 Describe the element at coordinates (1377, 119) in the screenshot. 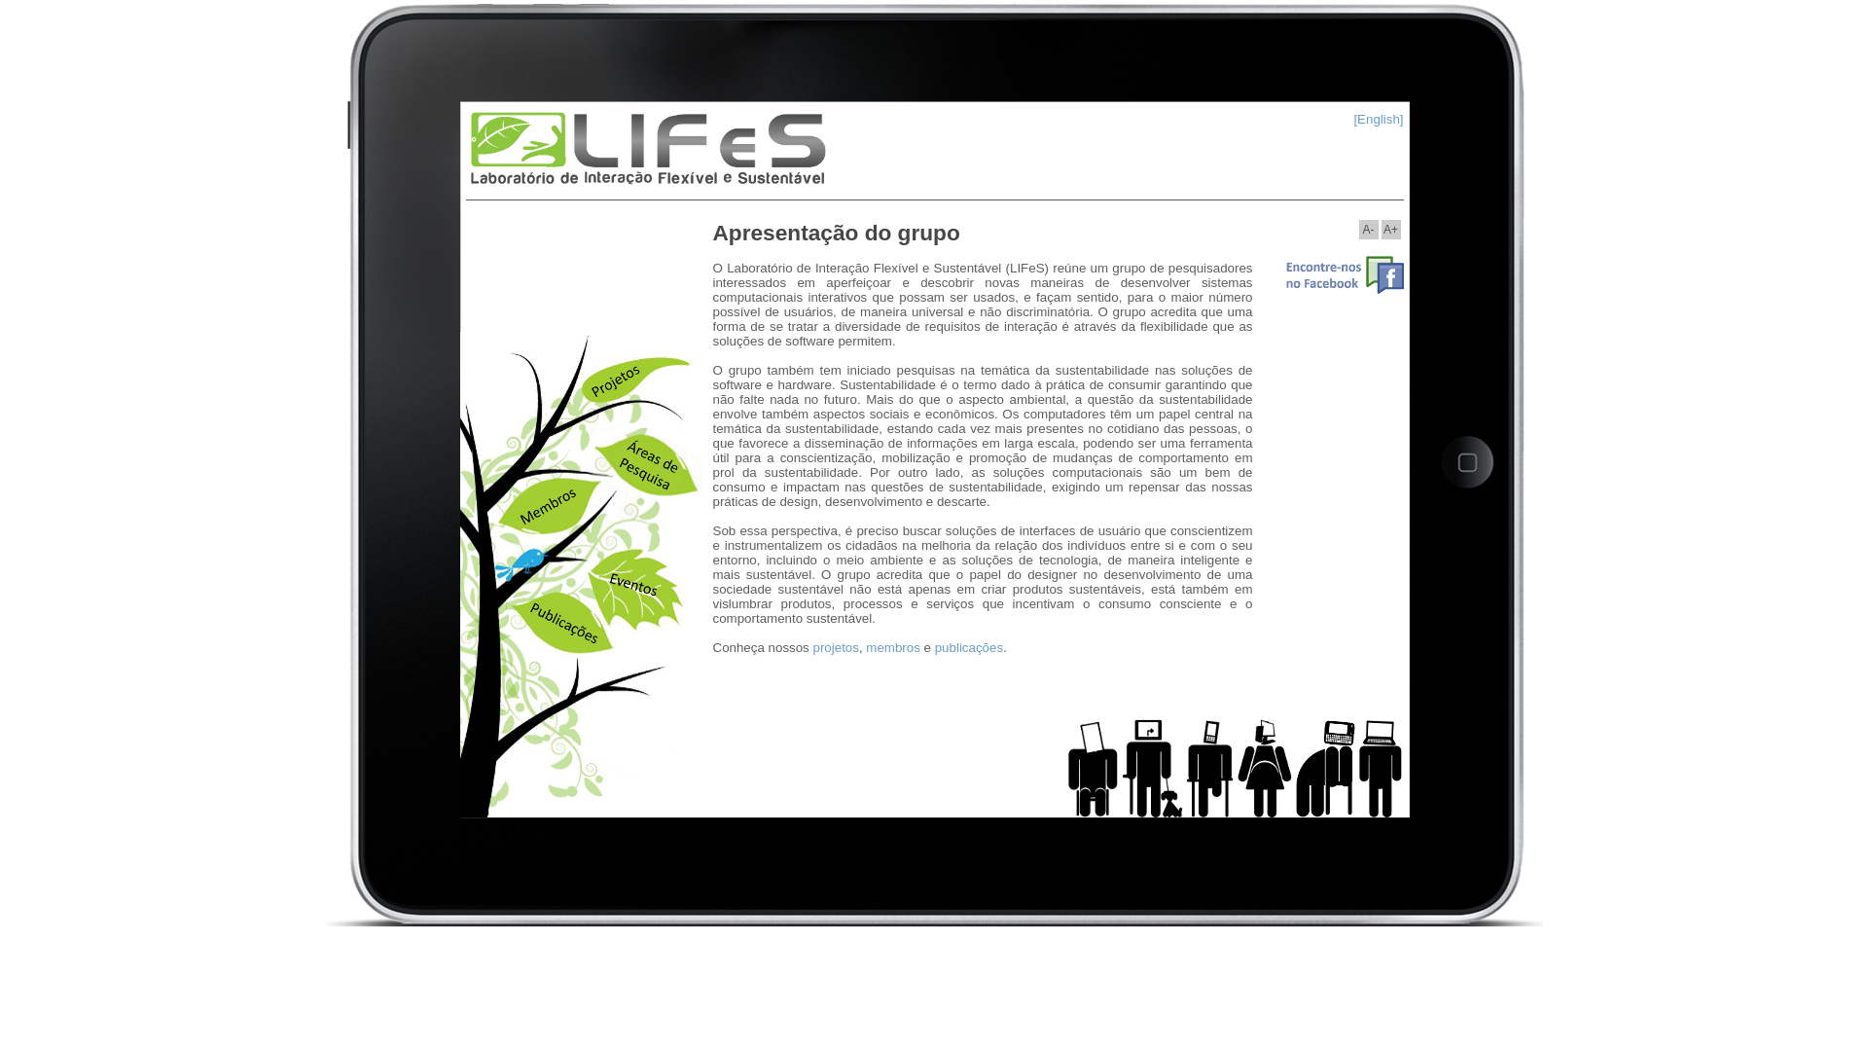

I see `'[English]'` at that location.